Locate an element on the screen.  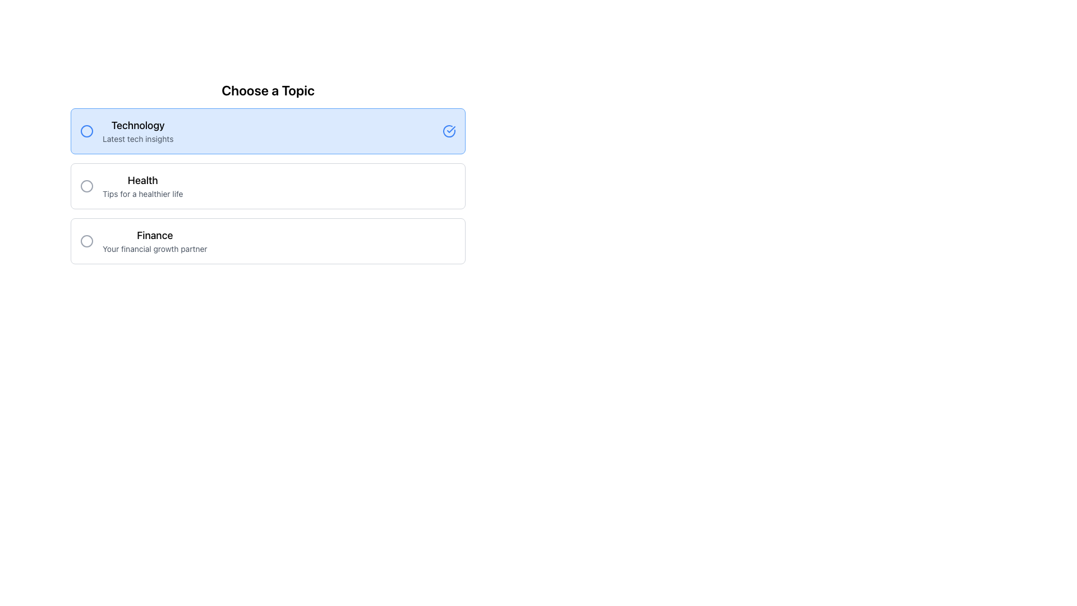
the inner circle of the graphical indication element located in the center-right part of the 'Health' option row is located at coordinates (86, 185).